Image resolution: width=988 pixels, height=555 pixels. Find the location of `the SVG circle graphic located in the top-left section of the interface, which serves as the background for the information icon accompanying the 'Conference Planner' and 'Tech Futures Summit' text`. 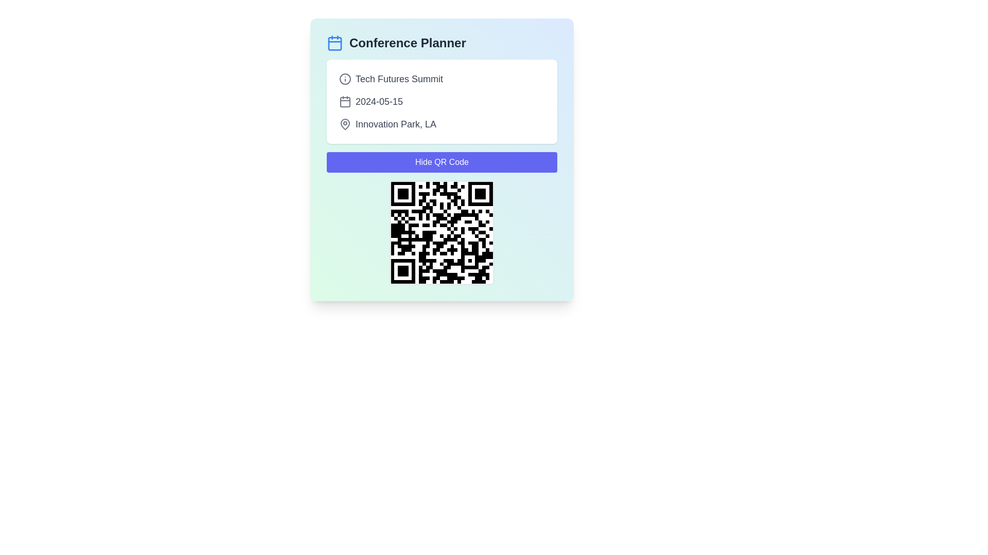

the SVG circle graphic located in the top-left section of the interface, which serves as the background for the information icon accompanying the 'Conference Planner' and 'Tech Futures Summit' text is located at coordinates (345, 79).